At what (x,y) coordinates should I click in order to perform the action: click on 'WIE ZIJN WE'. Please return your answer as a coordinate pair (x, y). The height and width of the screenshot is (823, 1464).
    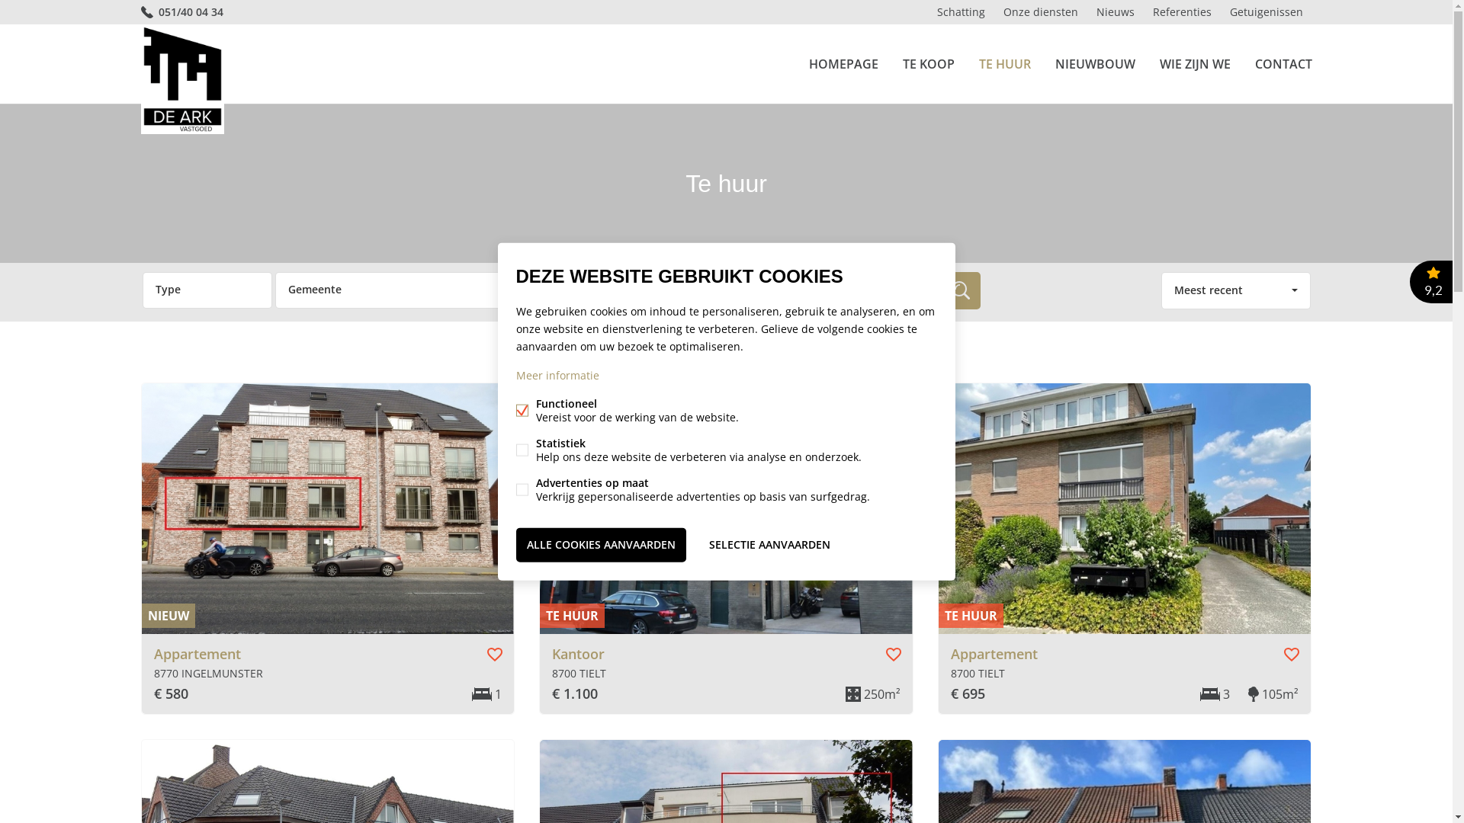
    Looking at the image, I should click on (1159, 63).